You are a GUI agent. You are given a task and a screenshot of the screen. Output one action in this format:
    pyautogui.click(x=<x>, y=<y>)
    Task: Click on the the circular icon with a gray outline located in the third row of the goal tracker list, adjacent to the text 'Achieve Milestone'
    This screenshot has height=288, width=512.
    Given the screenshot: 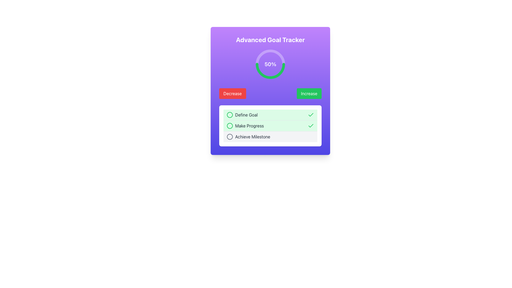 What is the action you would take?
    pyautogui.click(x=230, y=137)
    